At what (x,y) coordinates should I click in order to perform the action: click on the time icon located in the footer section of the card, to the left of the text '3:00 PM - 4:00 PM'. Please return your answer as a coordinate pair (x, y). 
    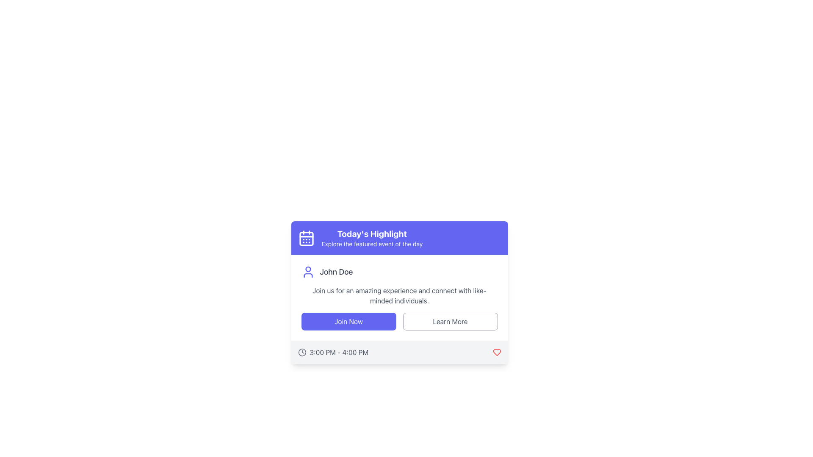
    Looking at the image, I should click on (302, 352).